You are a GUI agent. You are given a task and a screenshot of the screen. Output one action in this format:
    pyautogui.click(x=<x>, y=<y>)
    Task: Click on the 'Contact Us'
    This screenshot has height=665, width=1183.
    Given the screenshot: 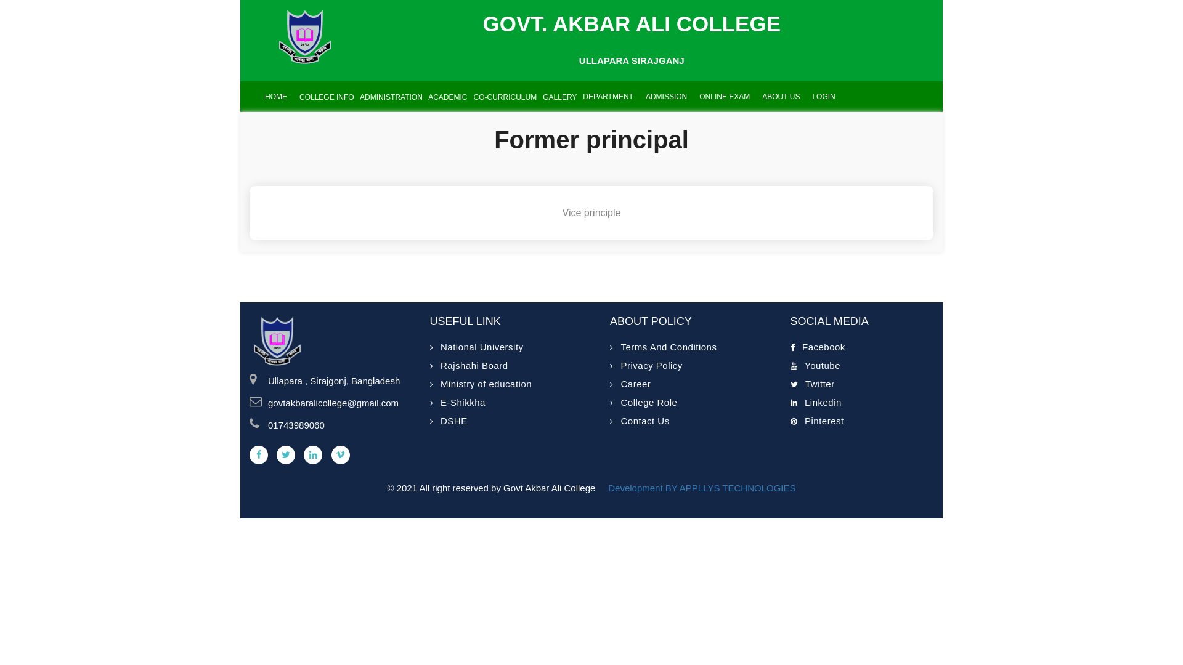 What is the action you would take?
    pyautogui.click(x=640, y=420)
    